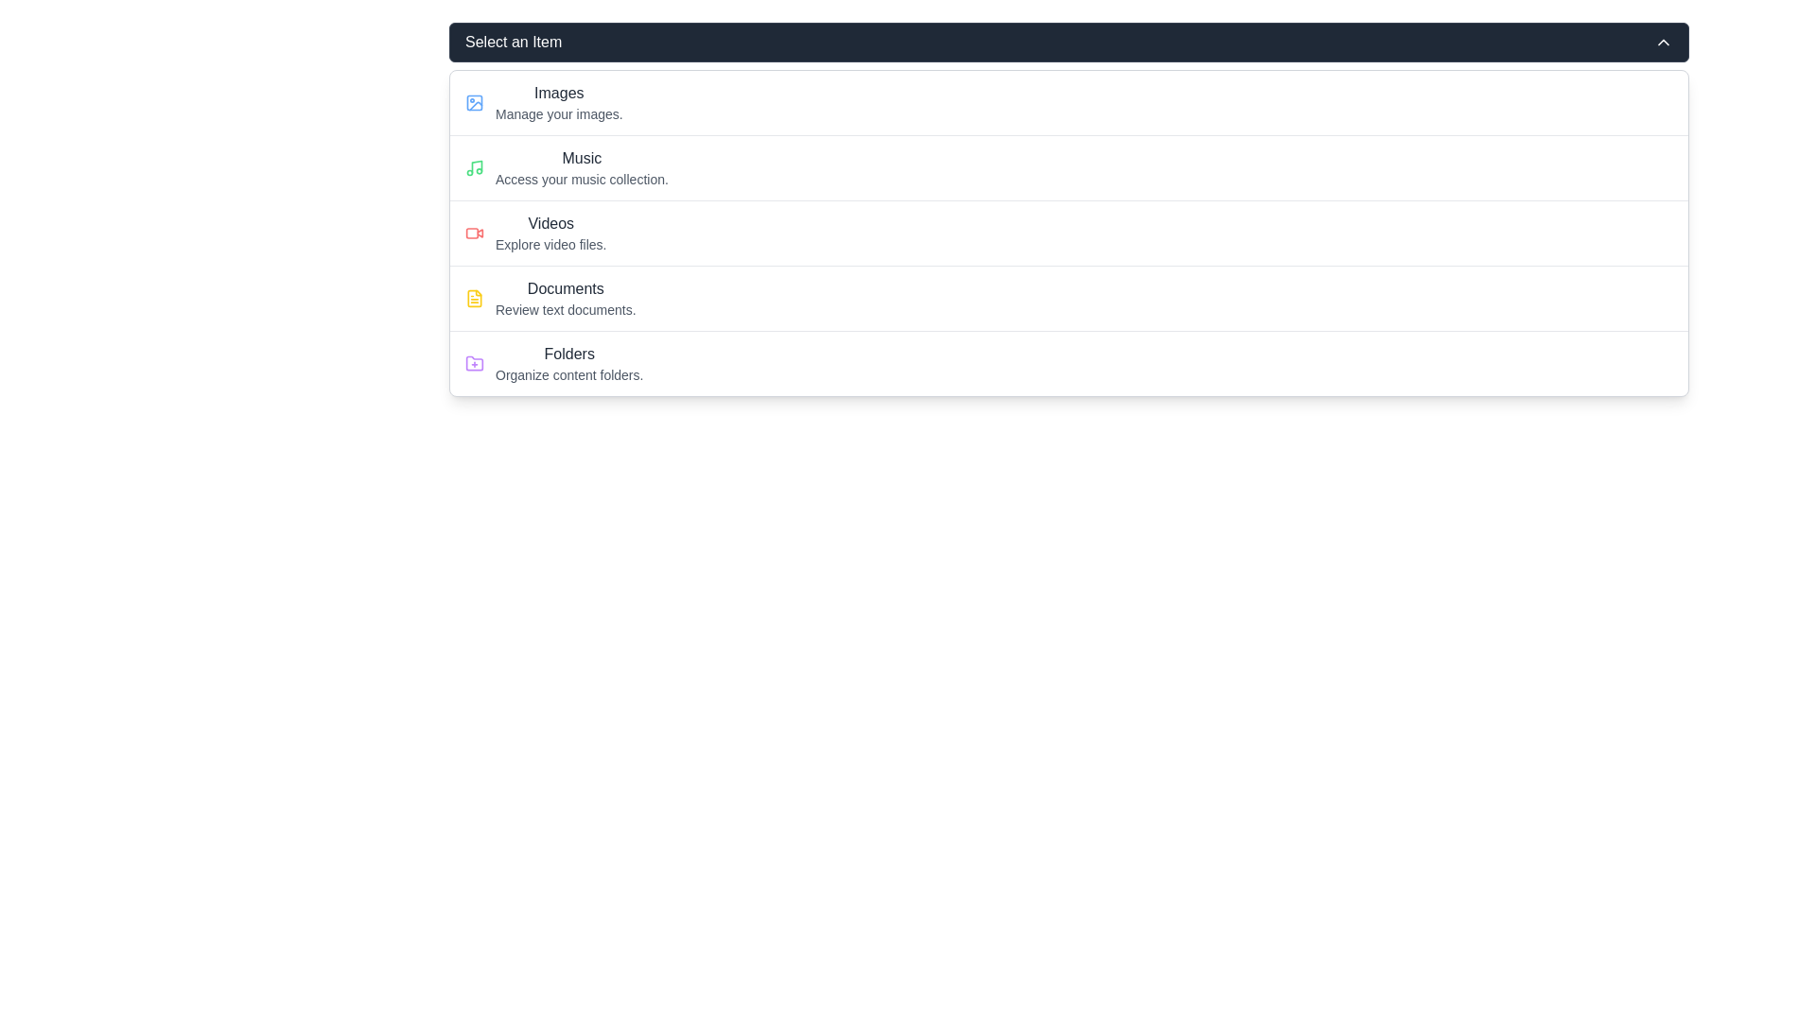  What do you see at coordinates (568, 364) in the screenshot?
I see `the fifth item in the navigation menu under 'Select an Item'` at bounding box center [568, 364].